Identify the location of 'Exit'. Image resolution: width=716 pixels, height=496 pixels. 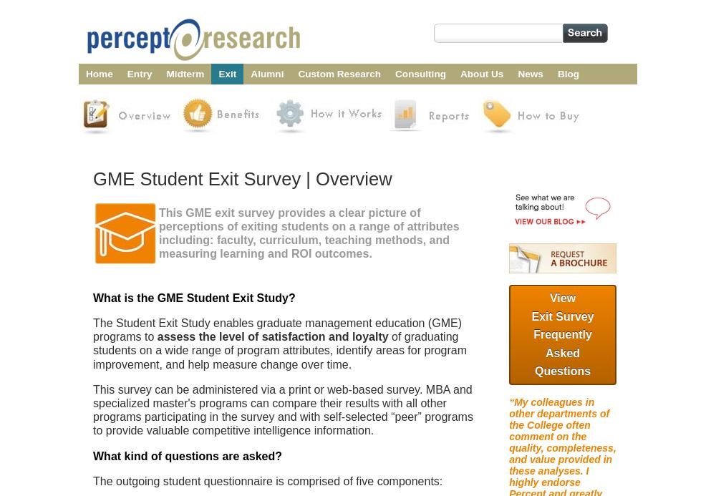
(226, 74).